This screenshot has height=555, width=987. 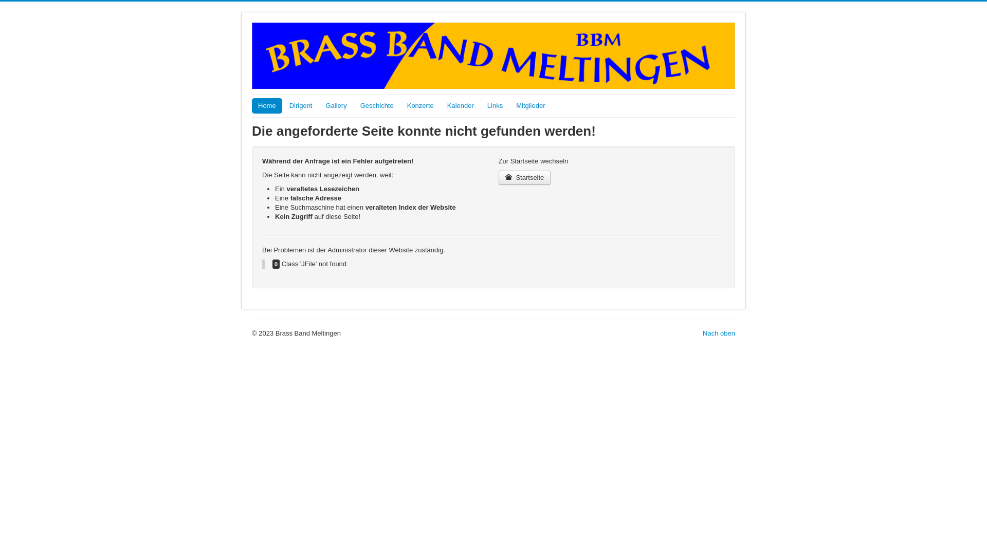 I want to click on 'Gallery', so click(x=336, y=105).